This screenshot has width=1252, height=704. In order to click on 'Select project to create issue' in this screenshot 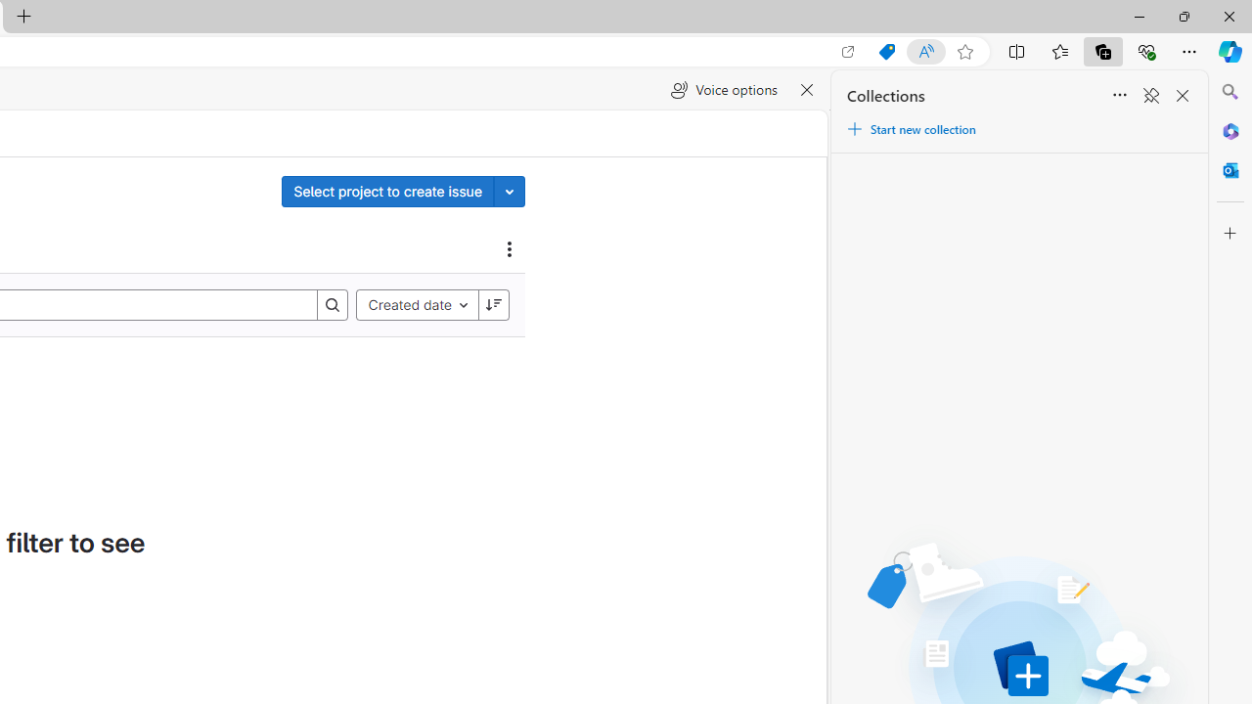, I will do `click(387, 191)`.